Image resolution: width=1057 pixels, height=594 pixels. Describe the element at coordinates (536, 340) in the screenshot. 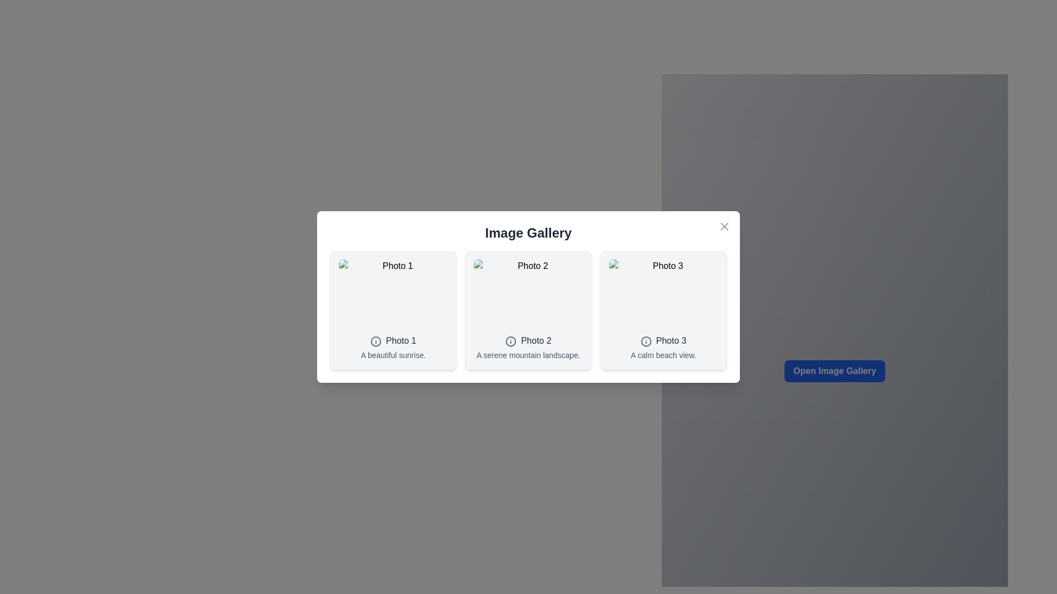

I see `text label identifying 'Photo 2', which is positioned below the image and to the right of an icon` at that location.